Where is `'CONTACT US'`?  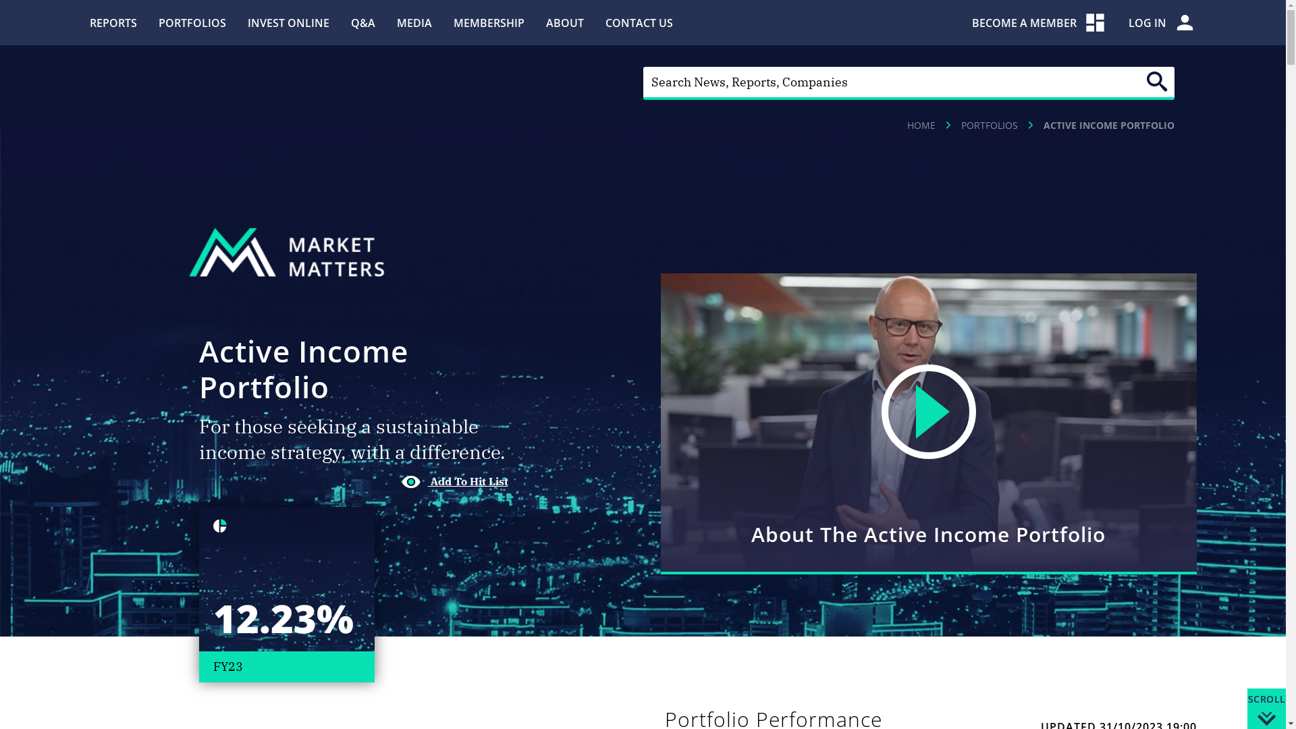
'CONTACT US' is located at coordinates (604, 22).